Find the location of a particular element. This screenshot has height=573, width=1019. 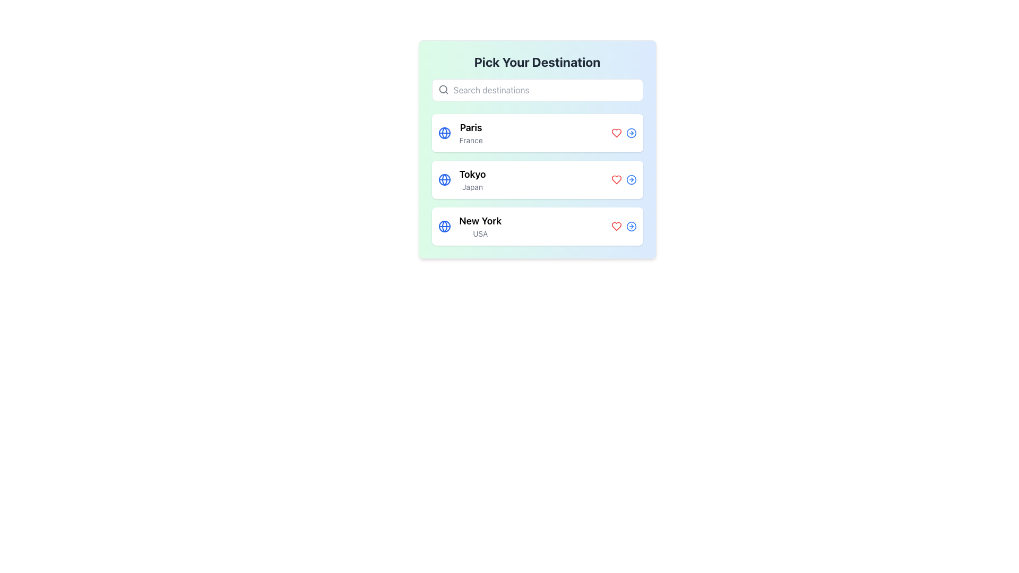

the first selectable item in the list of destinations is located at coordinates (537, 132).